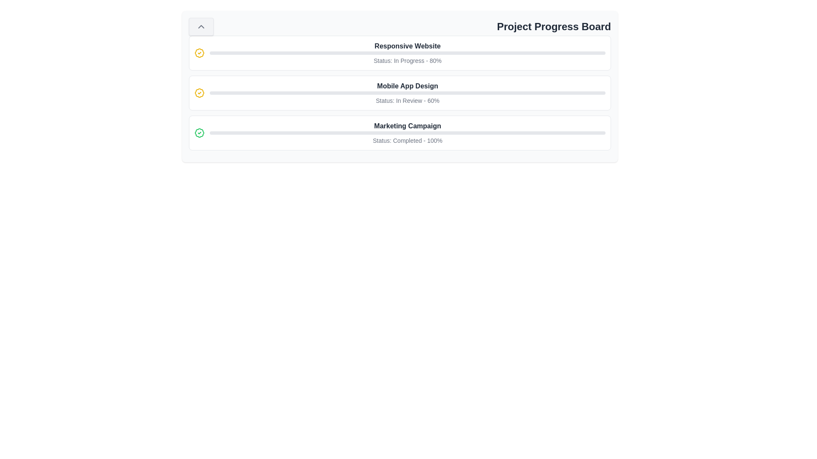  Describe the element at coordinates (199, 133) in the screenshot. I see `the green checkmark icon representing the completed status of the 'Marketing Campaign' entry in the list` at that location.